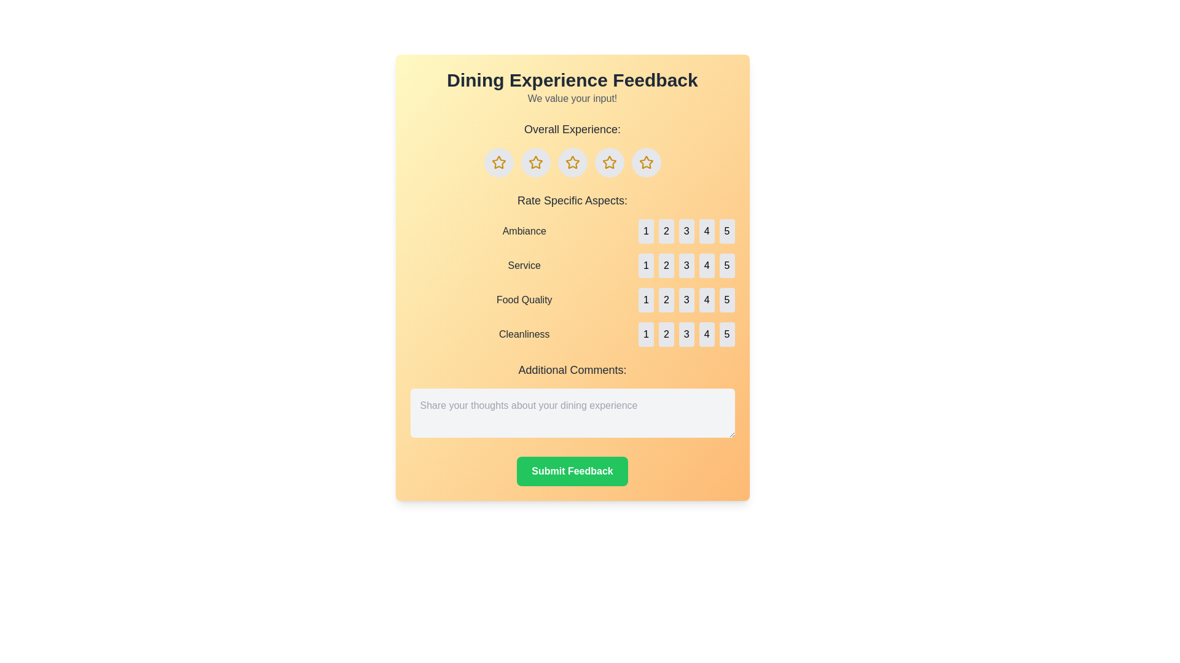 Image resolution: width=1180 pixels, height=663 pixels. What do you see at coordinates (666, 300) in the screenshot?
I see `the second button under the 'Food Quality' label` at bounding box center [666, 300].